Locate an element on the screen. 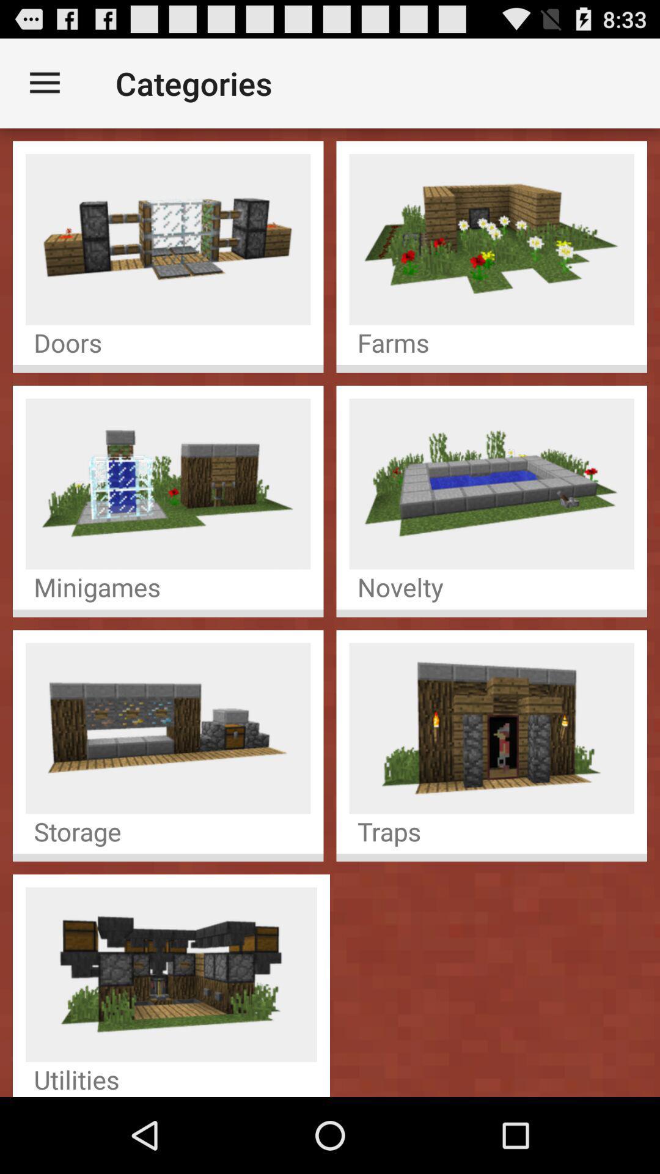  item next to the categories is located at coordinates (44, 83).